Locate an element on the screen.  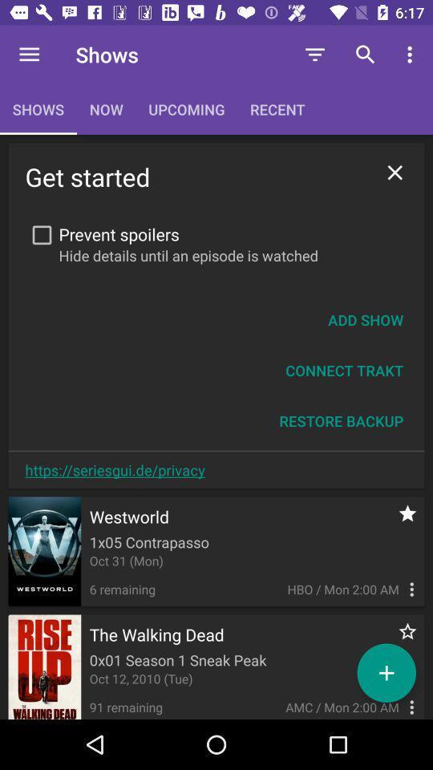
connect trakt icon is located at coordinates (343, 371).